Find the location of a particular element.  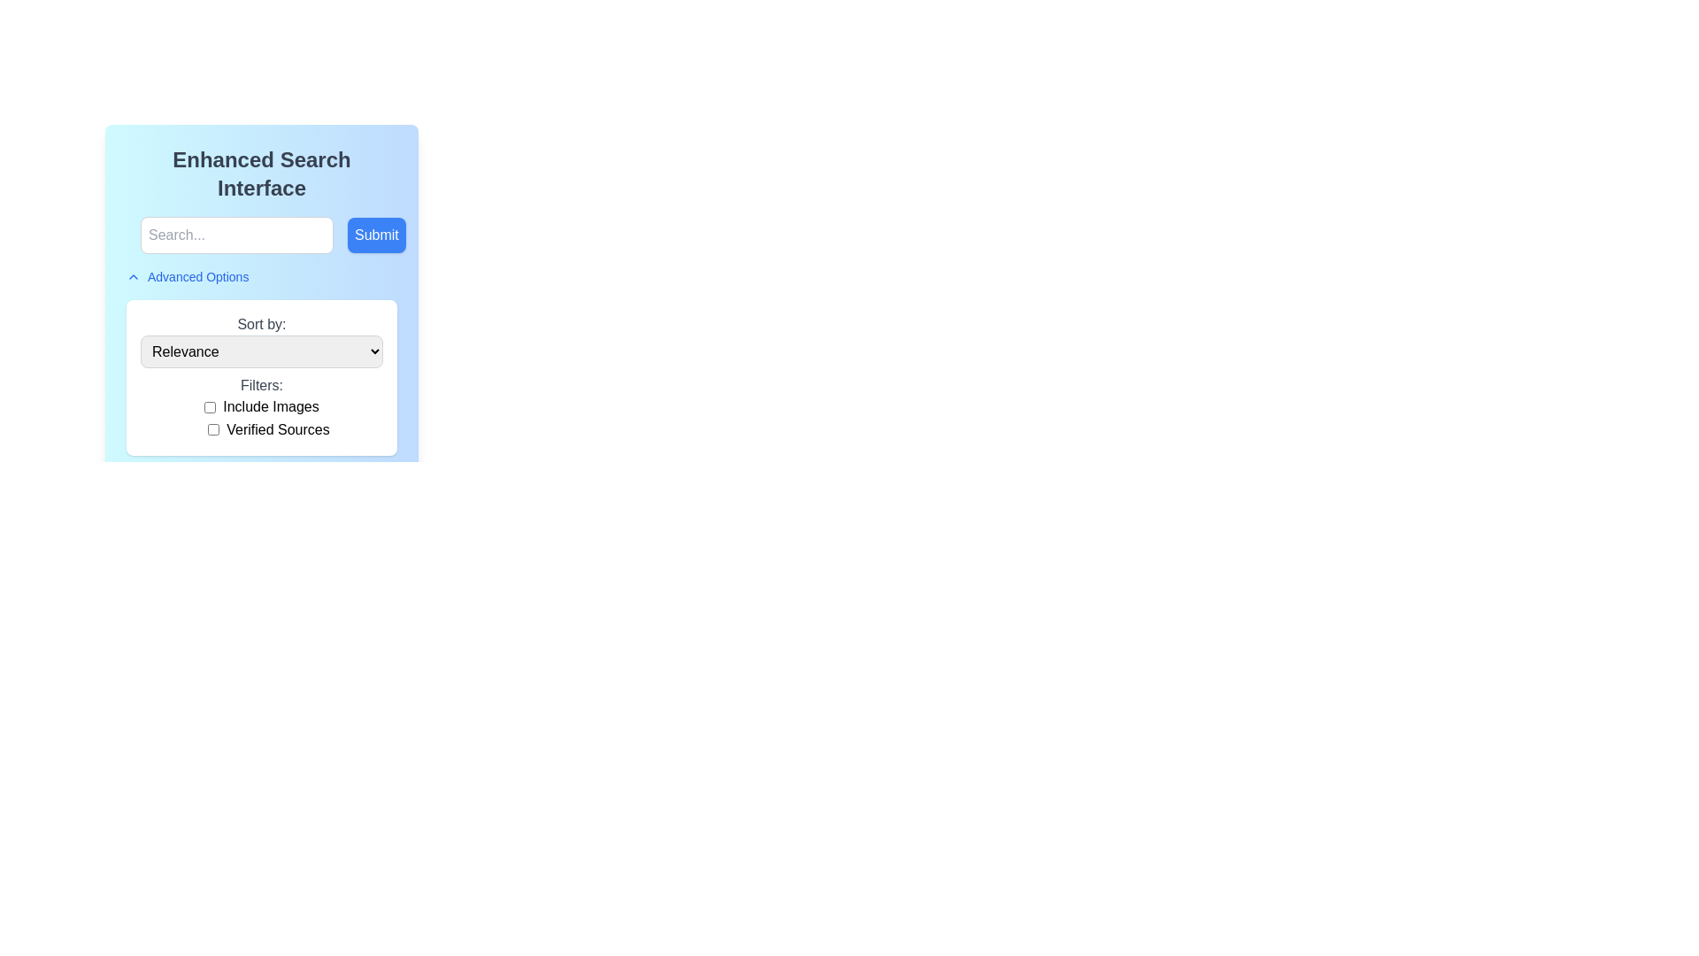

the small upward-pointing chevron icon with a blue outline located to the left of the text 'Advanced Options' is located at coordinates (132, 276).